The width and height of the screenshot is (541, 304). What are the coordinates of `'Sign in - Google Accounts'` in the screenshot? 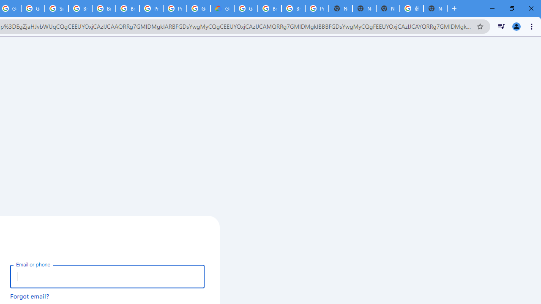 It's located at (56, 8).